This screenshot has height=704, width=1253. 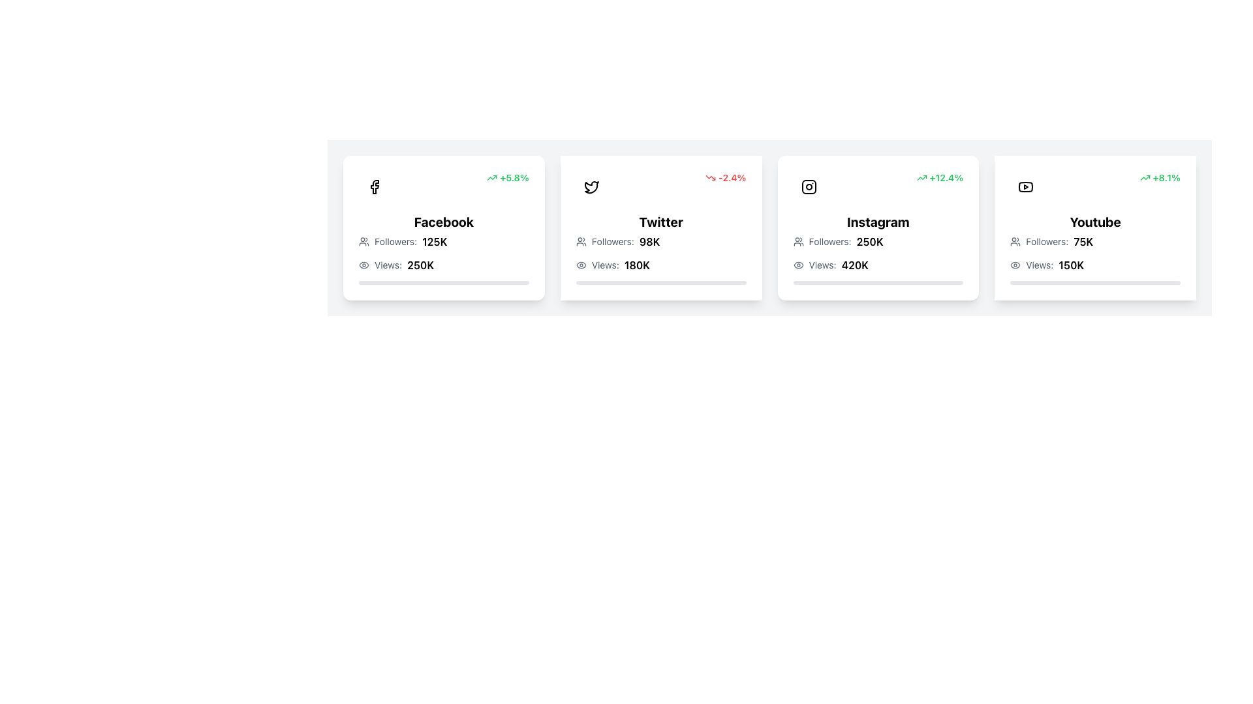 What do you see at coordinates (661, 221) in the screenshot?
I see `the bold, large text reading 'Twitter' which is centrally located within the second card in a series of horizontally aligned cards` at bounding box center [661, 221].